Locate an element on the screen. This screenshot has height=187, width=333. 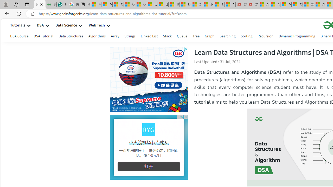
'DSA Course' is located at coordinates (19, 37).